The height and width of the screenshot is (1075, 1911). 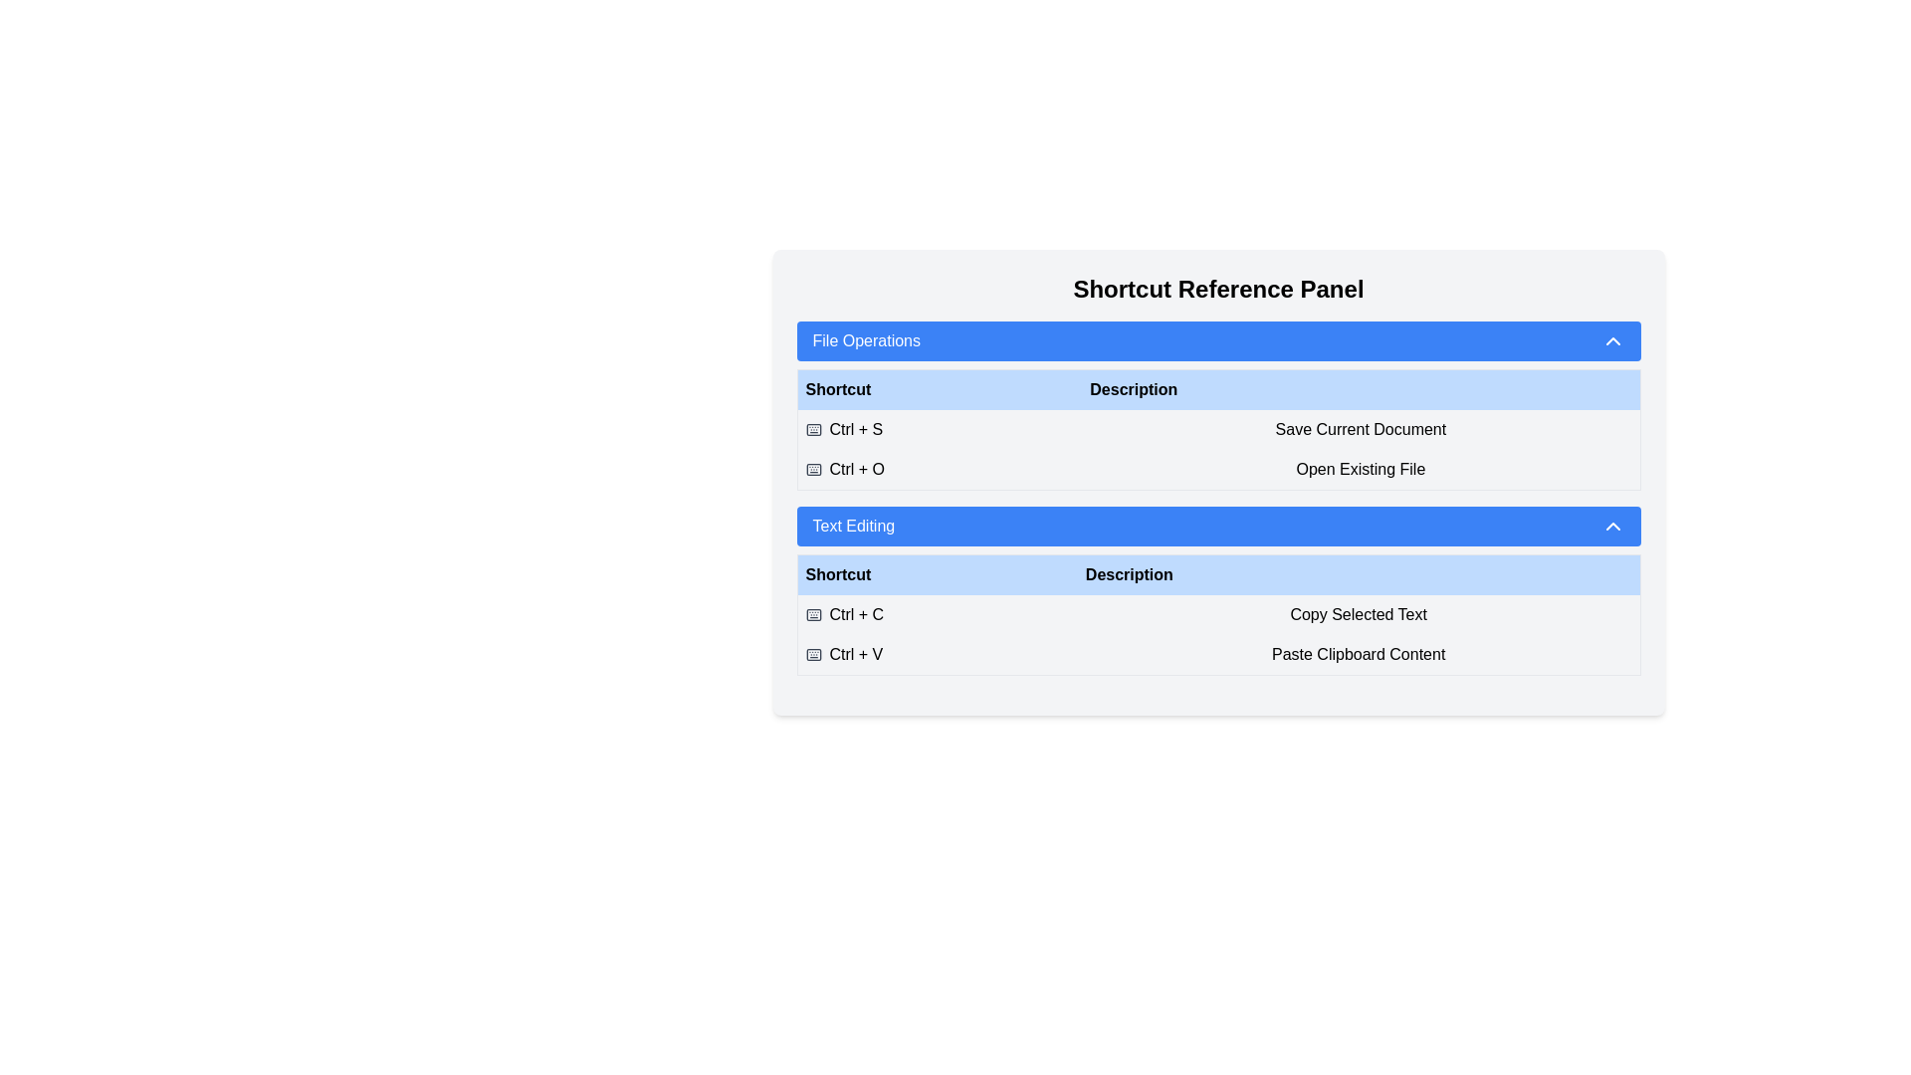 I want to click on the Label/Text element that serves as a heading for the collapsible section related to text editing operations, centrally aligned within a blue rectangular button, so click(x=853, y=525).